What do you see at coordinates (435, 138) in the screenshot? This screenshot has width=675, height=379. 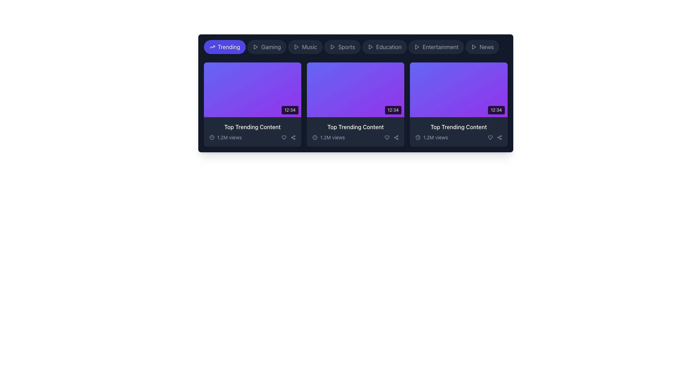 I see `the text label displaying '1.2M views.' which is located below the title 'Top Trending Content' and adjacent to a clock icon` at bounding box center [435, 138].